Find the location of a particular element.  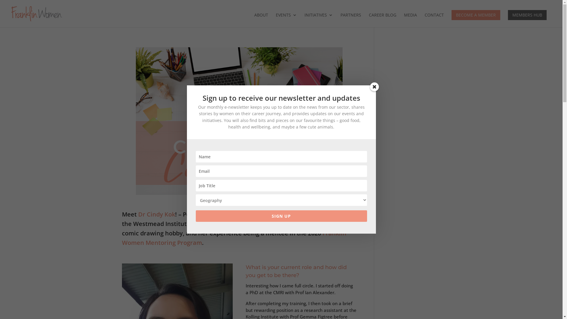

'EVENTS' is located at coordinates (286, 20).